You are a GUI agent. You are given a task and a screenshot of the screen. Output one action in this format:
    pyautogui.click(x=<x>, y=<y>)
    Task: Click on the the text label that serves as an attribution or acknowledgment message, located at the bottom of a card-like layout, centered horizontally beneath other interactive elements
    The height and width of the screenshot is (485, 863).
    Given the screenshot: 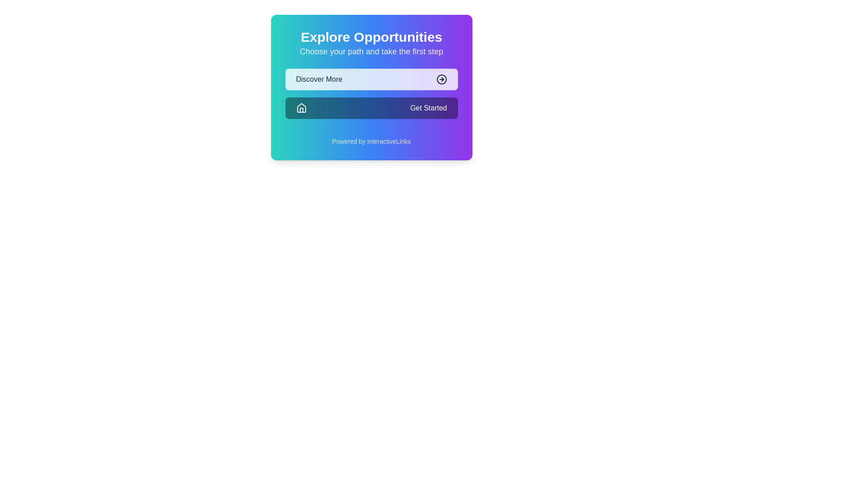 What is the action you would take?
    pyautogui.click(x=371, y=141)
    